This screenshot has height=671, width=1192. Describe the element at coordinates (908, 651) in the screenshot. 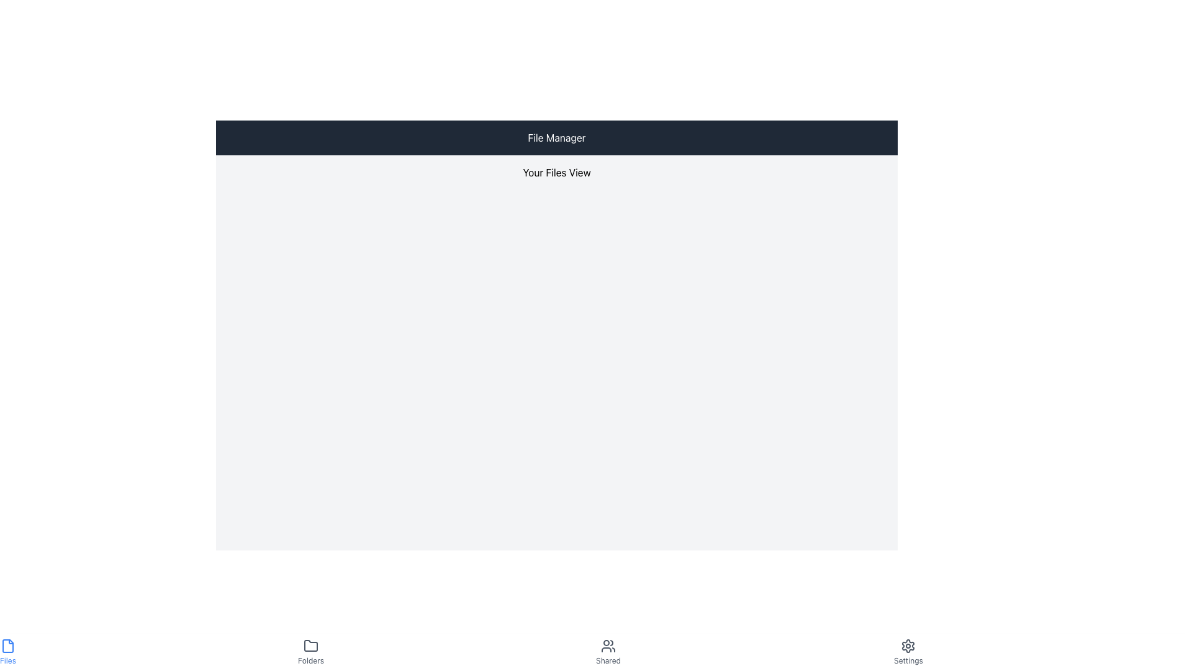

I see `the settings button located at the bottom-right corner of the interface` at that location.